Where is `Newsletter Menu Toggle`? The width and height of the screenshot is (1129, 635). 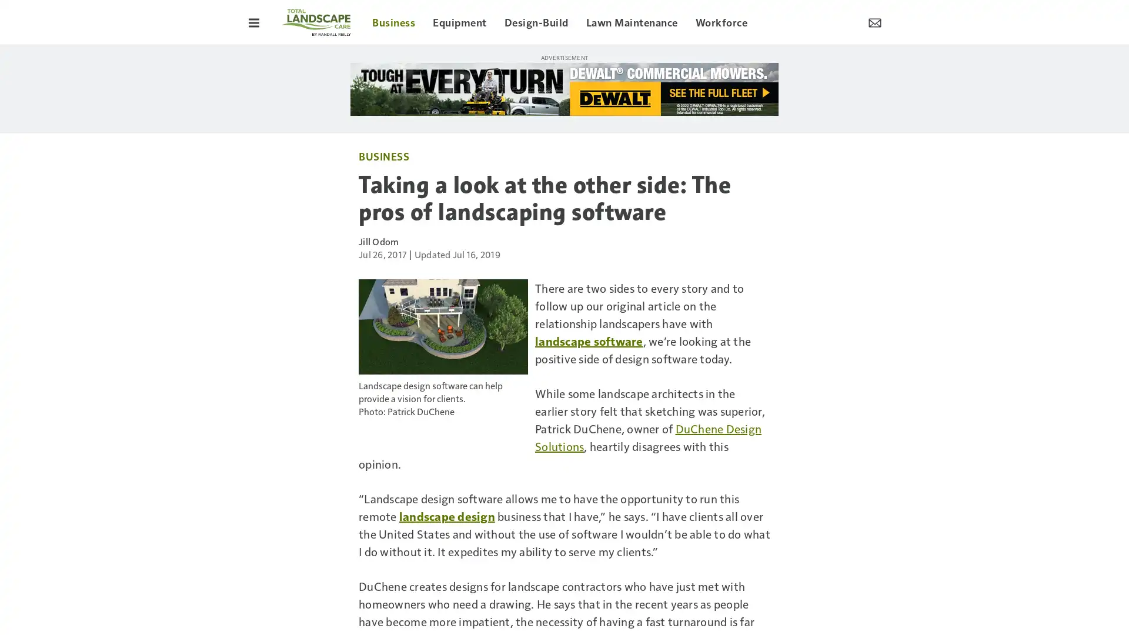 Newsletter Menu Toggle is located at coordinates (875, 22).